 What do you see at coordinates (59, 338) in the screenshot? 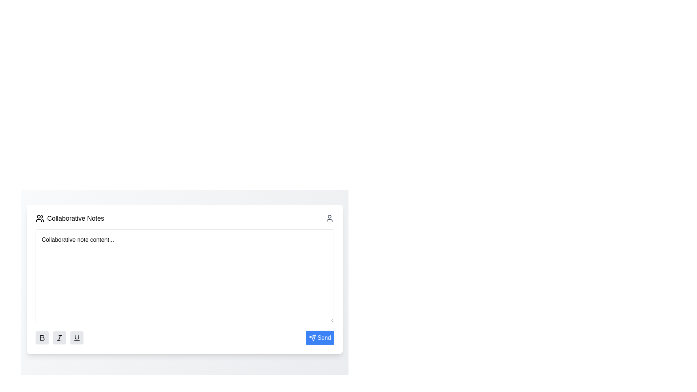
I see `the second icon button from the left in the formatting toolbar beneath the 'Collaborative Notes' input area` at bounding box center [59, 338].